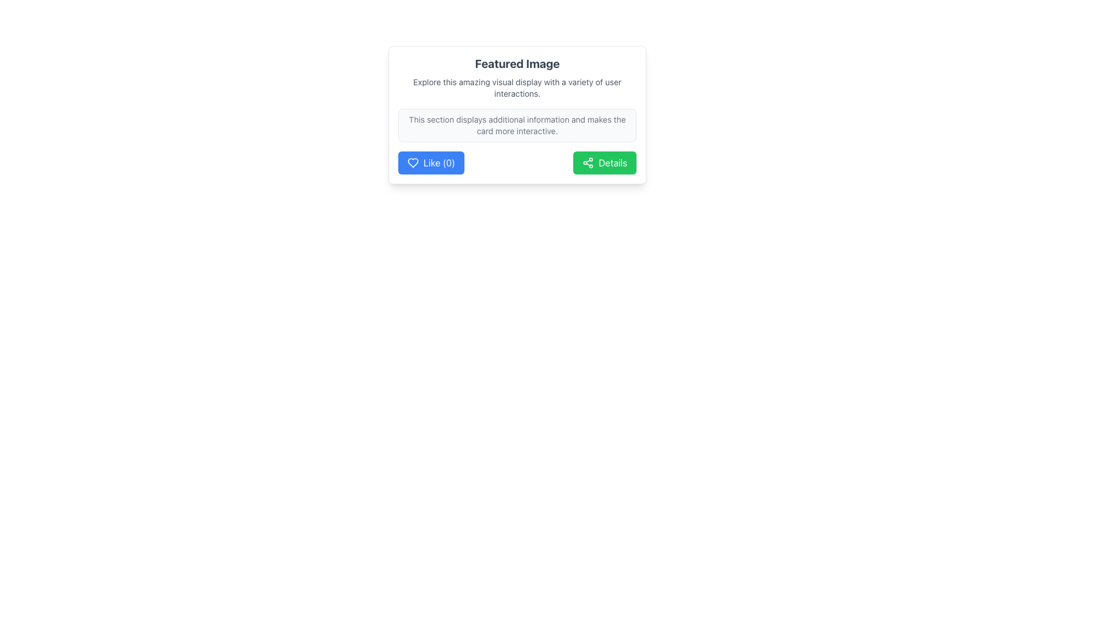 This screenshot has width=1105, height=622. What do you see at coordinates (413, 162) in the screenshot?
I see `the heart icon within the 'Like (0)' button located at the bottom-left corner of the card element` at bounding box center [413, 162].